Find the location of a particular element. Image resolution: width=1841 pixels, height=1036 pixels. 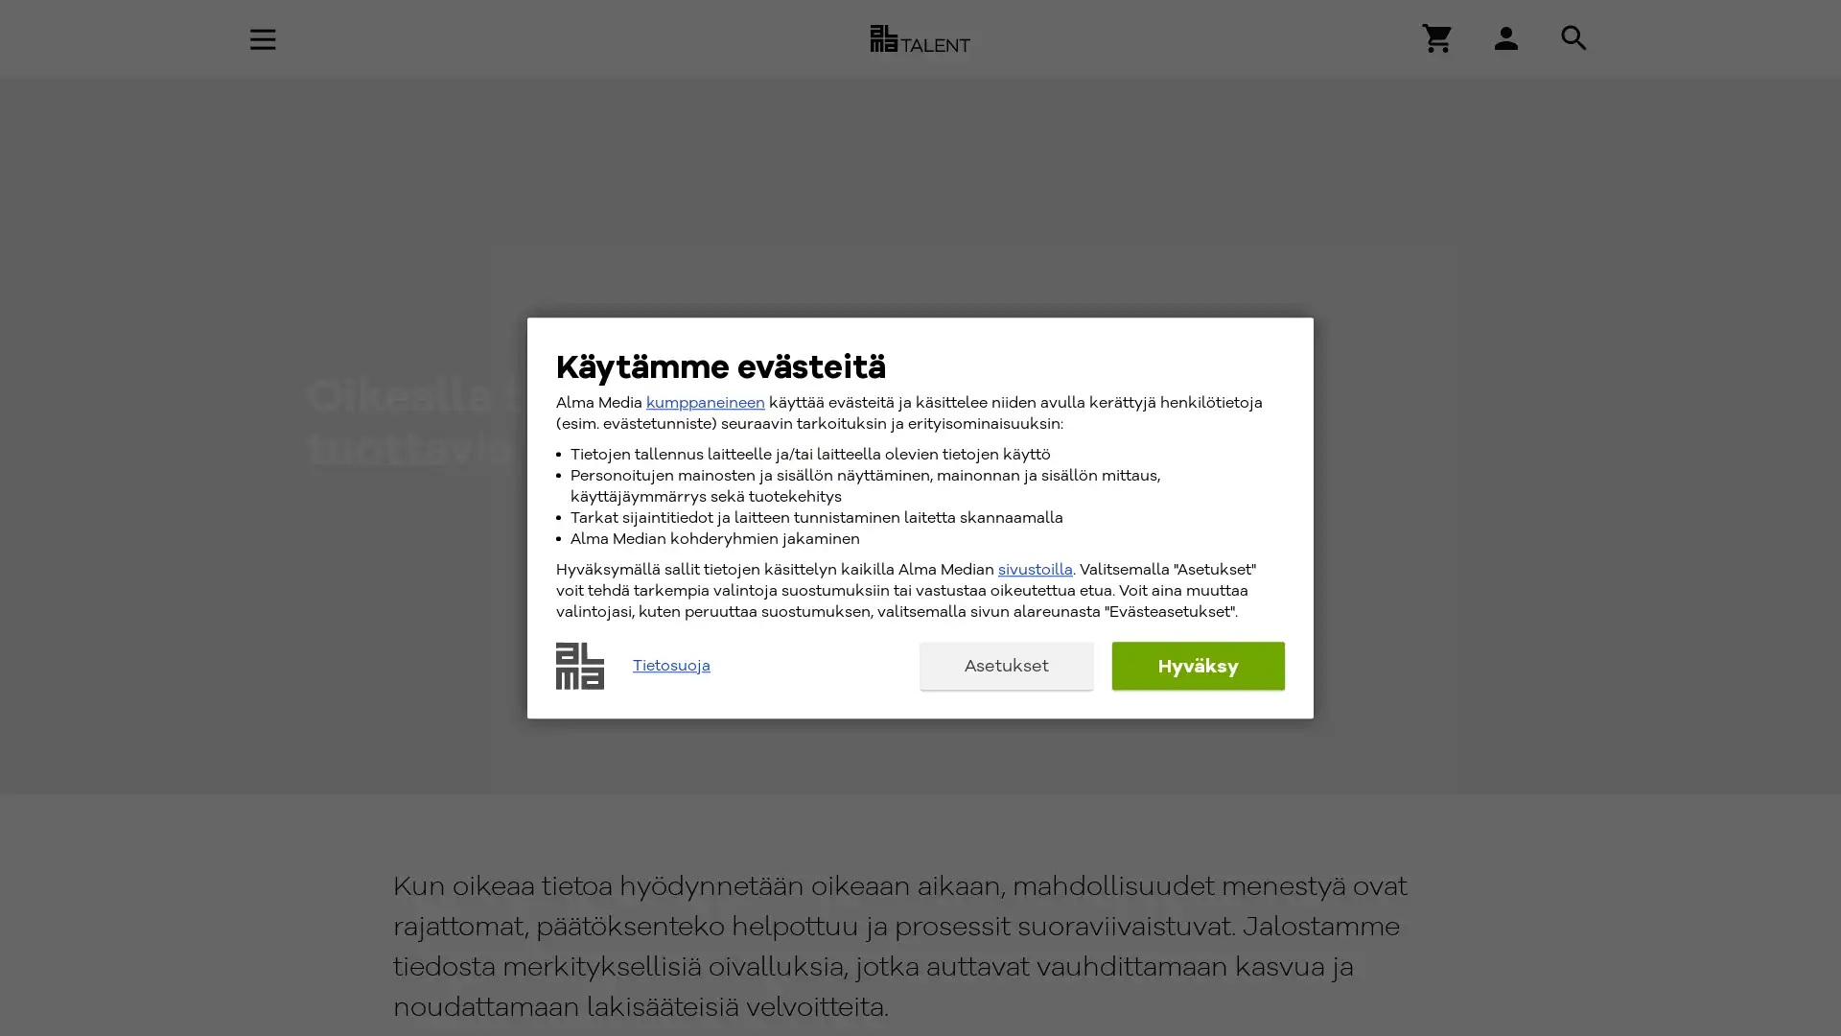

Hae is located at coordinates (1573, 37).